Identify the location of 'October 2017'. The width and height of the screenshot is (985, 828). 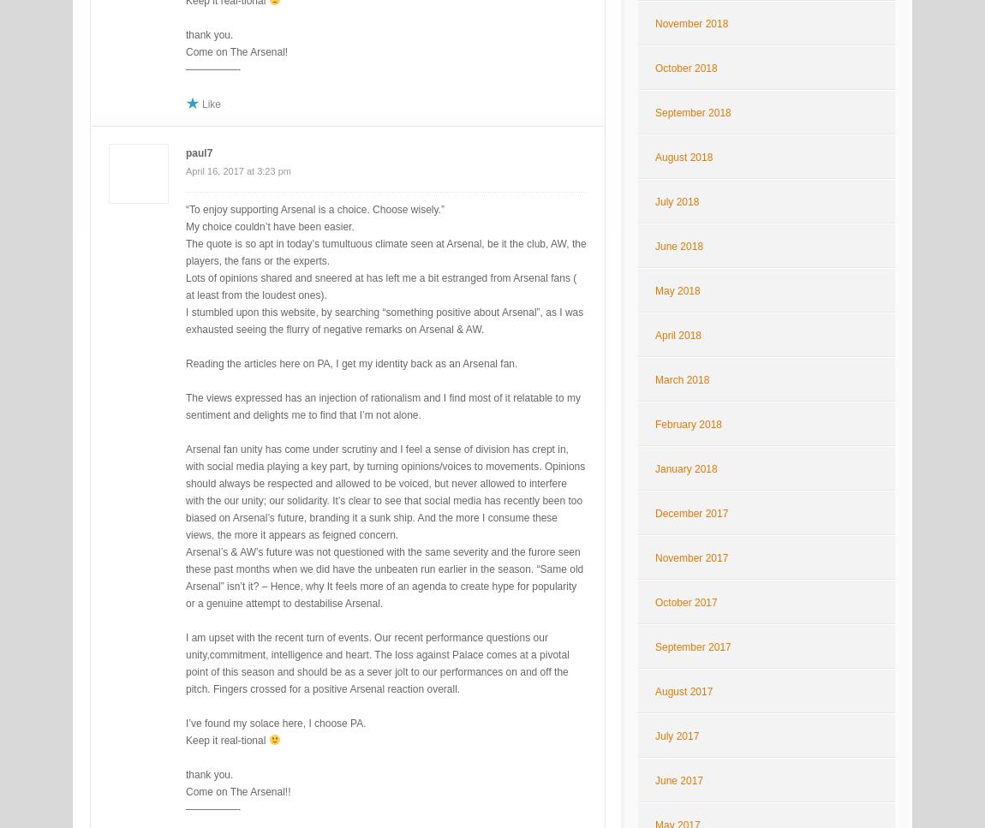
(684, 602).